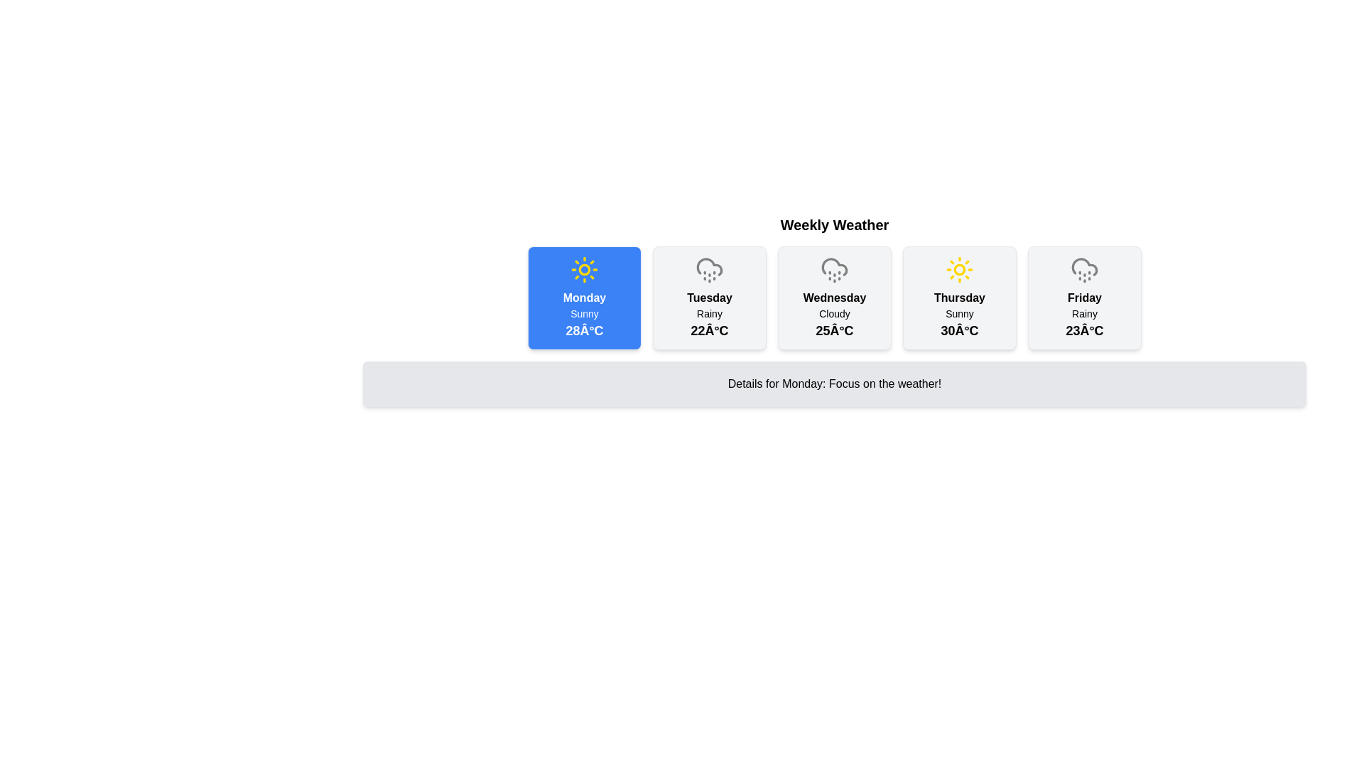 Image resolution: width=1364 pixels, height=767 pixels. I want to click on the stylized cloud icon with drizzle droplets underneath, located in the top section of the 'Friday Rainy 23°C' weather card, which is the fifth card in a horizontal layout of weather cards, so click(1083, 270).